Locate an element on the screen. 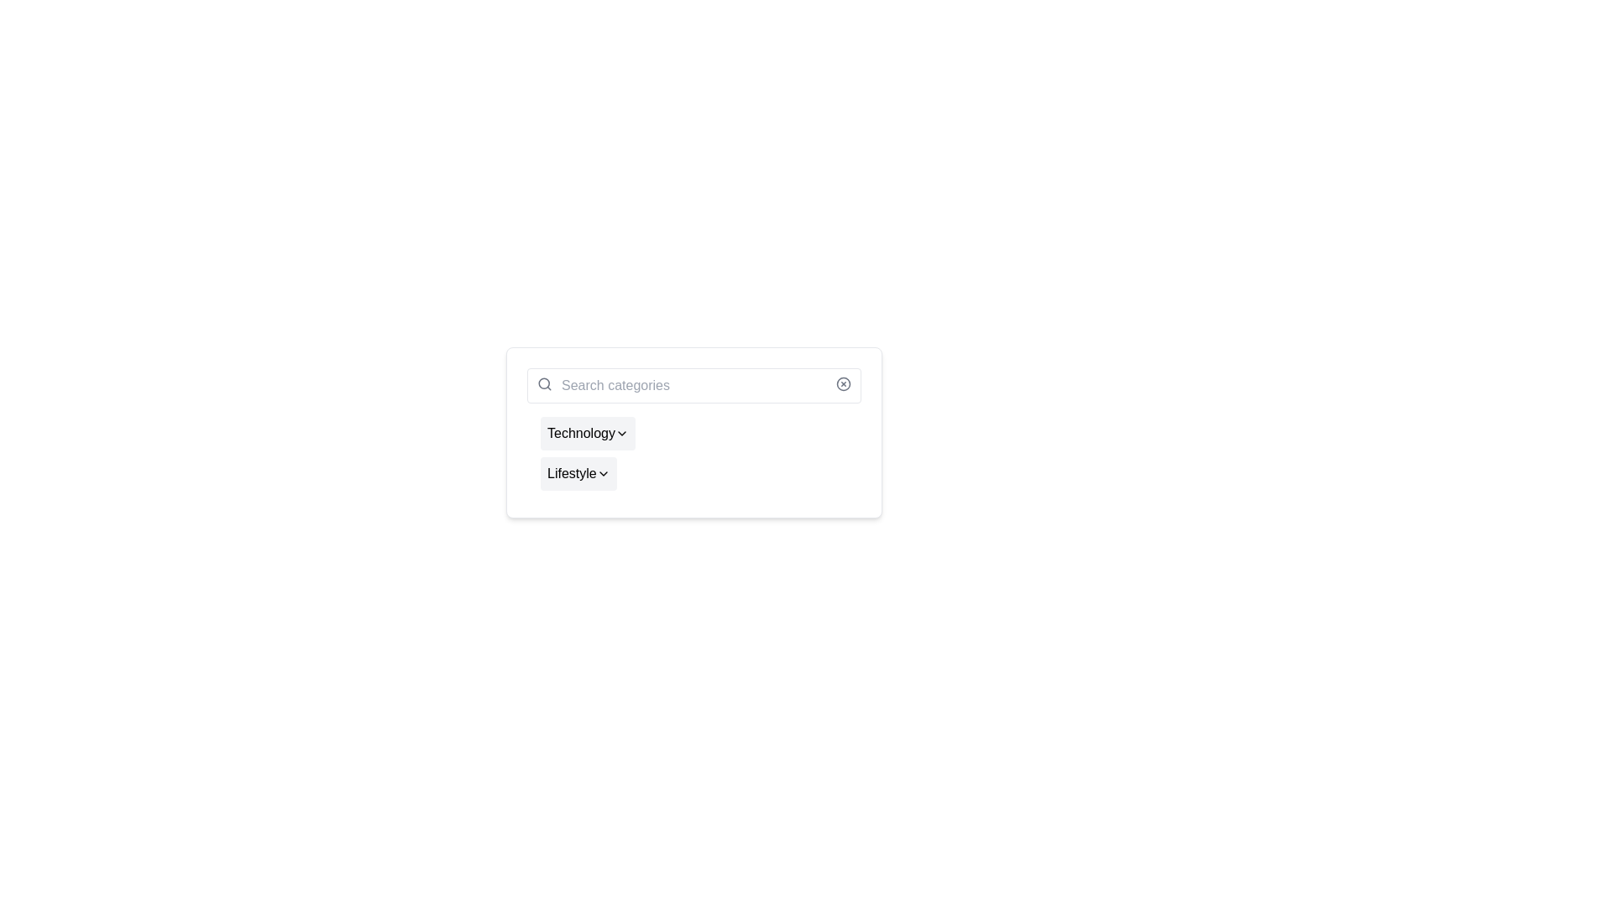 The image size is (1612, 906). the circle element with a cross mark inside, located at the right end of the search bar component is located at coordinates (843, 384).